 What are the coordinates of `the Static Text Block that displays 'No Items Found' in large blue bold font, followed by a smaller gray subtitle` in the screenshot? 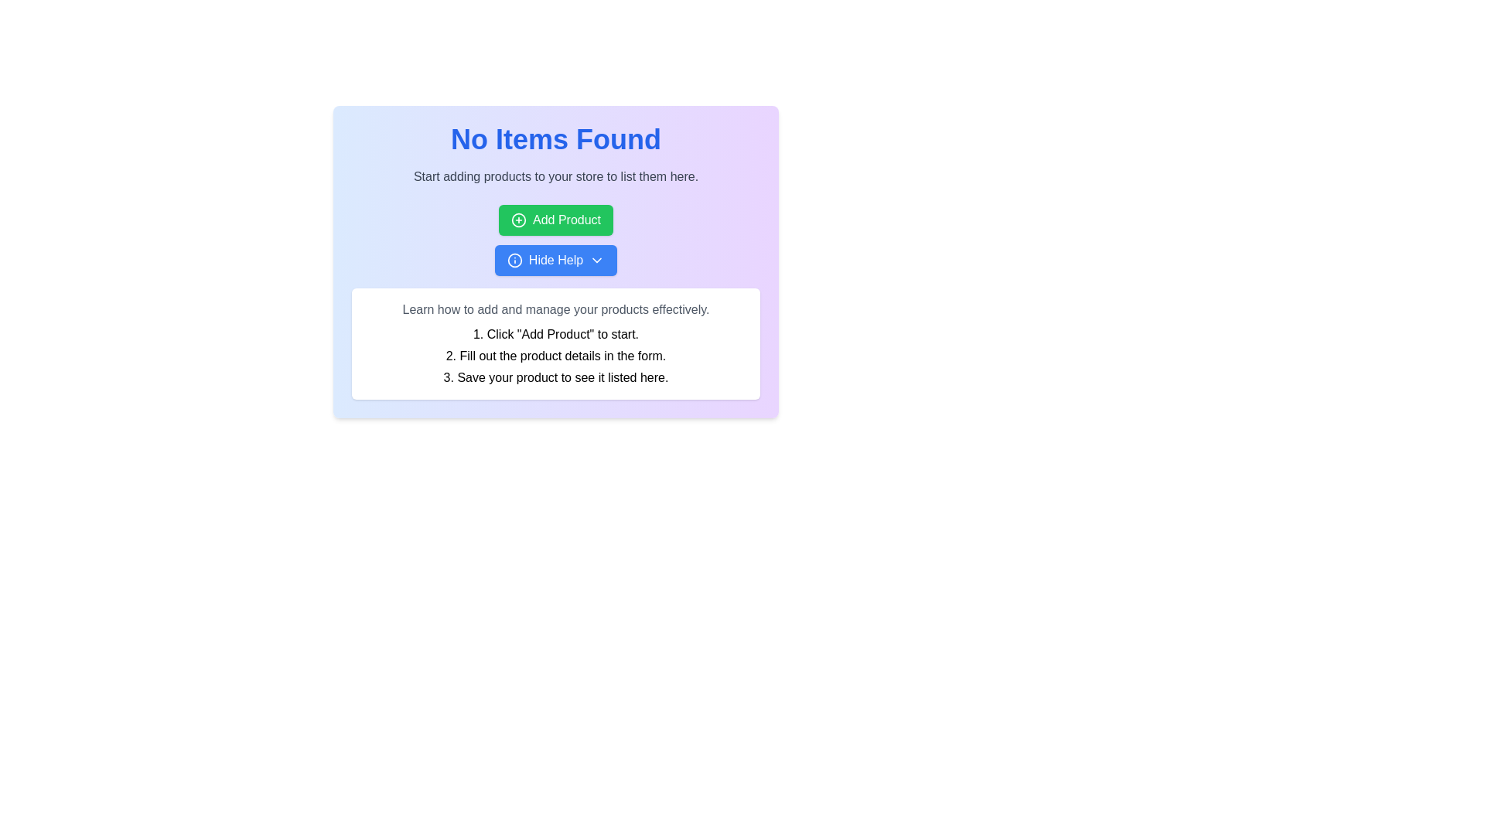 It's located at (556, 155).